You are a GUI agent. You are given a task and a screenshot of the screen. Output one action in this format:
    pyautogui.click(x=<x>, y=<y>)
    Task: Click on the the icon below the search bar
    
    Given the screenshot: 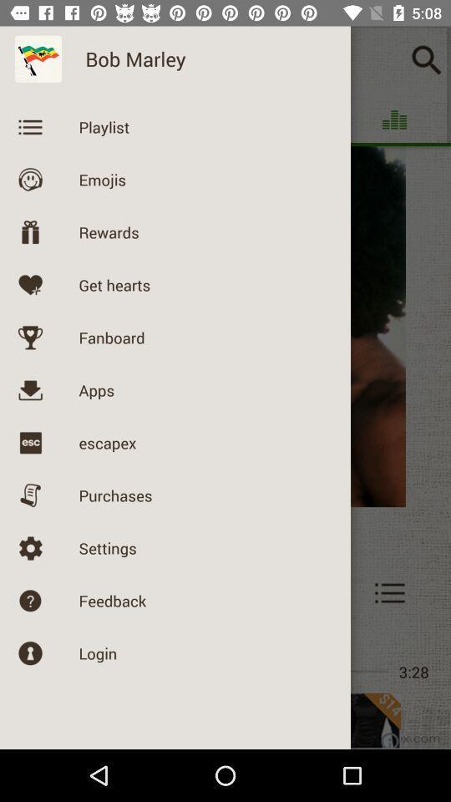 What is the action you would take?
    pyautogui.click(x=394, y=119)
    